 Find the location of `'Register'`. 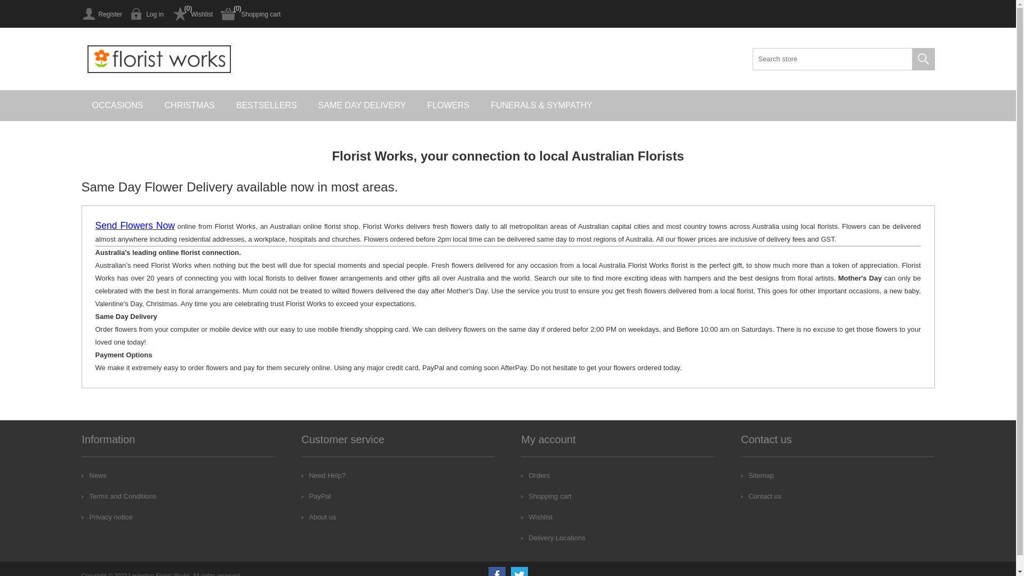

'Register' is located at coordinates (101, 14).